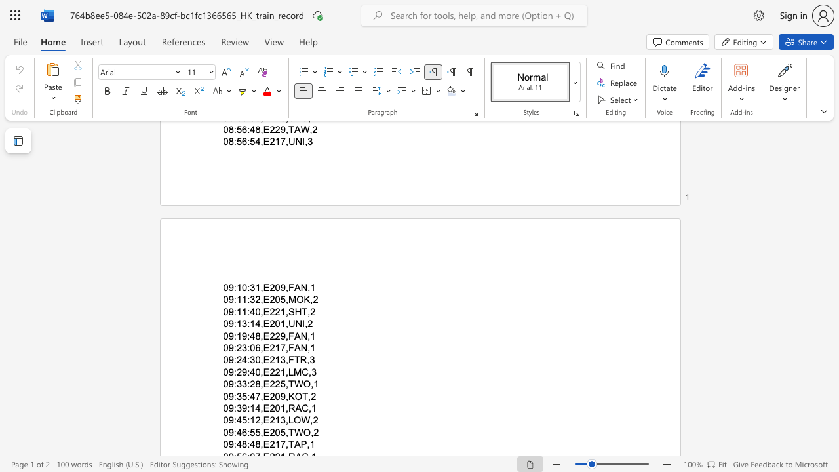 This screenshot has width=839, height=472. Describe the element at coordinates (300, 286) in the screenshot. I see `the subset text "N," within the text "09:10:31,E209,FAN,1"` at that location.